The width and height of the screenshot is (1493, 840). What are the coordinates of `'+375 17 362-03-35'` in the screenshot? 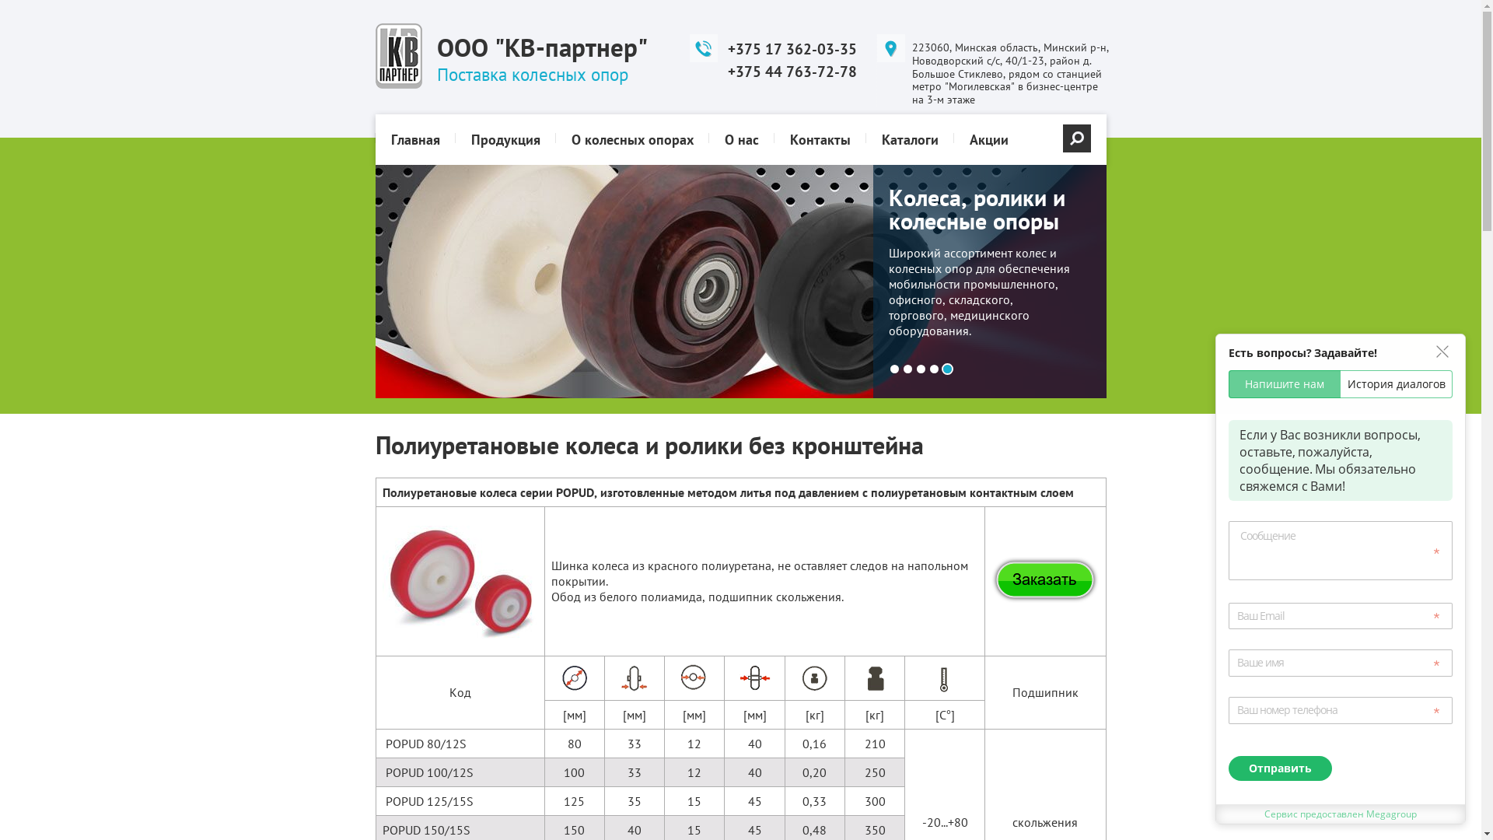 It's located at (792, 47).